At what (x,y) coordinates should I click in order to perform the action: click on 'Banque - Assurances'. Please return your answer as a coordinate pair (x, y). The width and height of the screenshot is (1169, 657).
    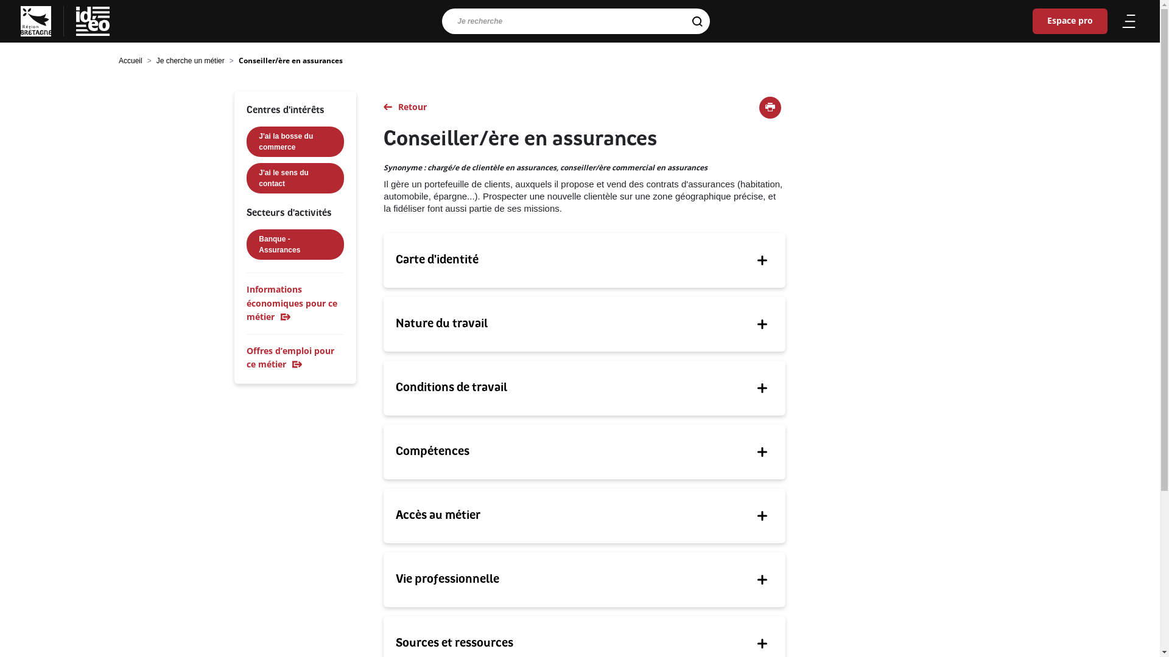
    Looking at the image, I should click on (245, 244).